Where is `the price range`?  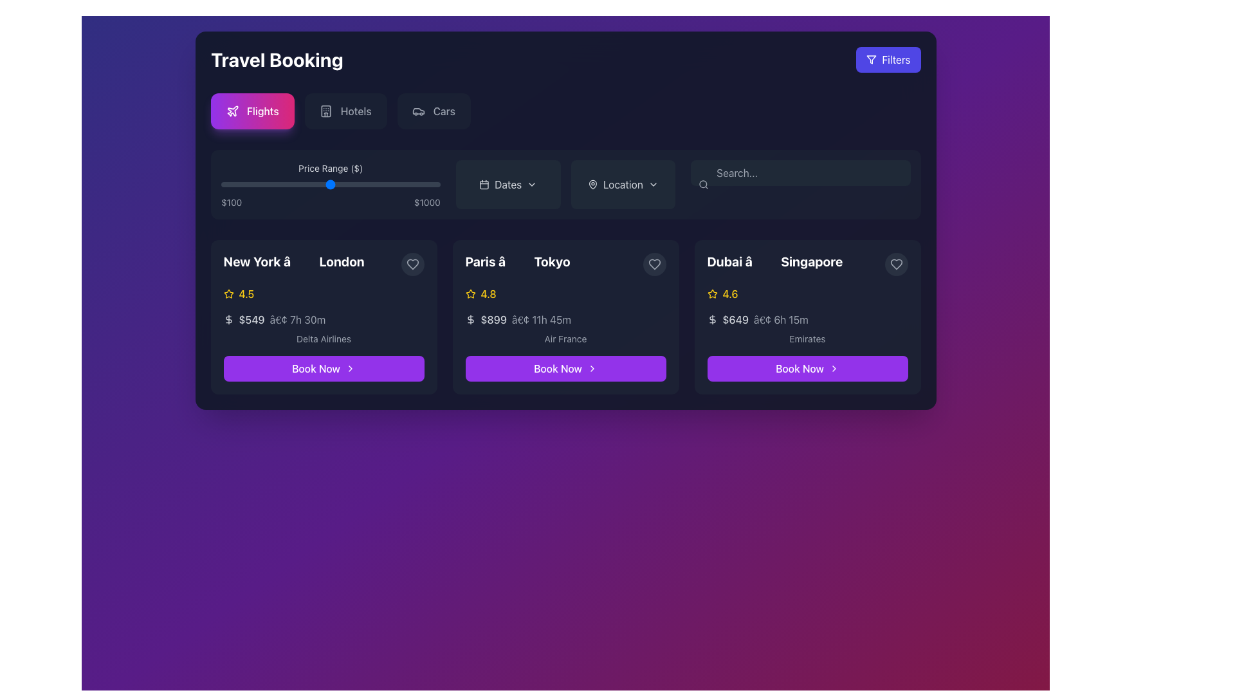
the price range is located at coordinates (255, 184).